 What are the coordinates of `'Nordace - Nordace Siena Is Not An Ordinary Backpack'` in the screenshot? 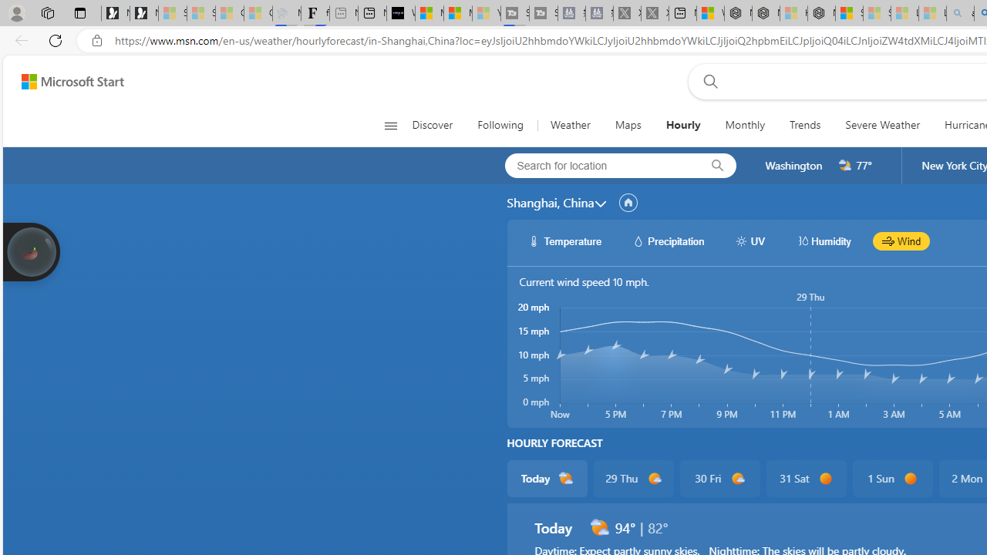 It's located at (820, 13).